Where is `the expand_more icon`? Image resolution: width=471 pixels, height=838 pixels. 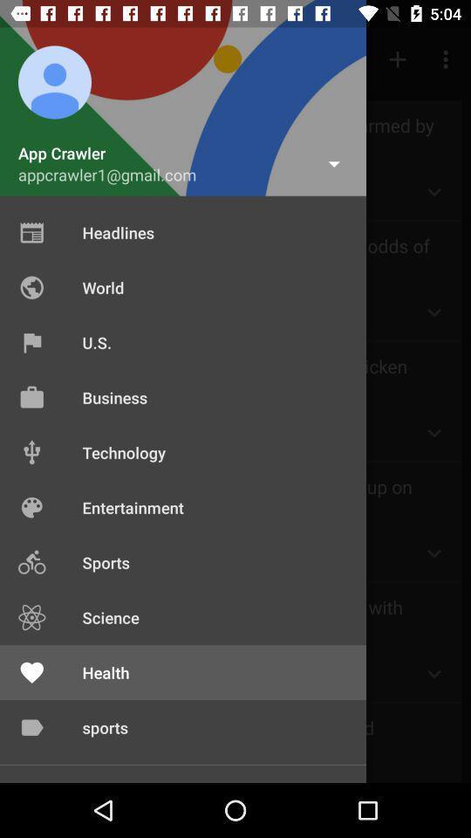 the expand_more icon is located at coordinates (433, 432).